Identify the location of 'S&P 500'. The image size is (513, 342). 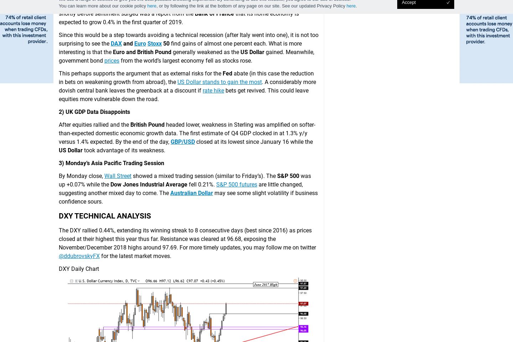
(288, 175).